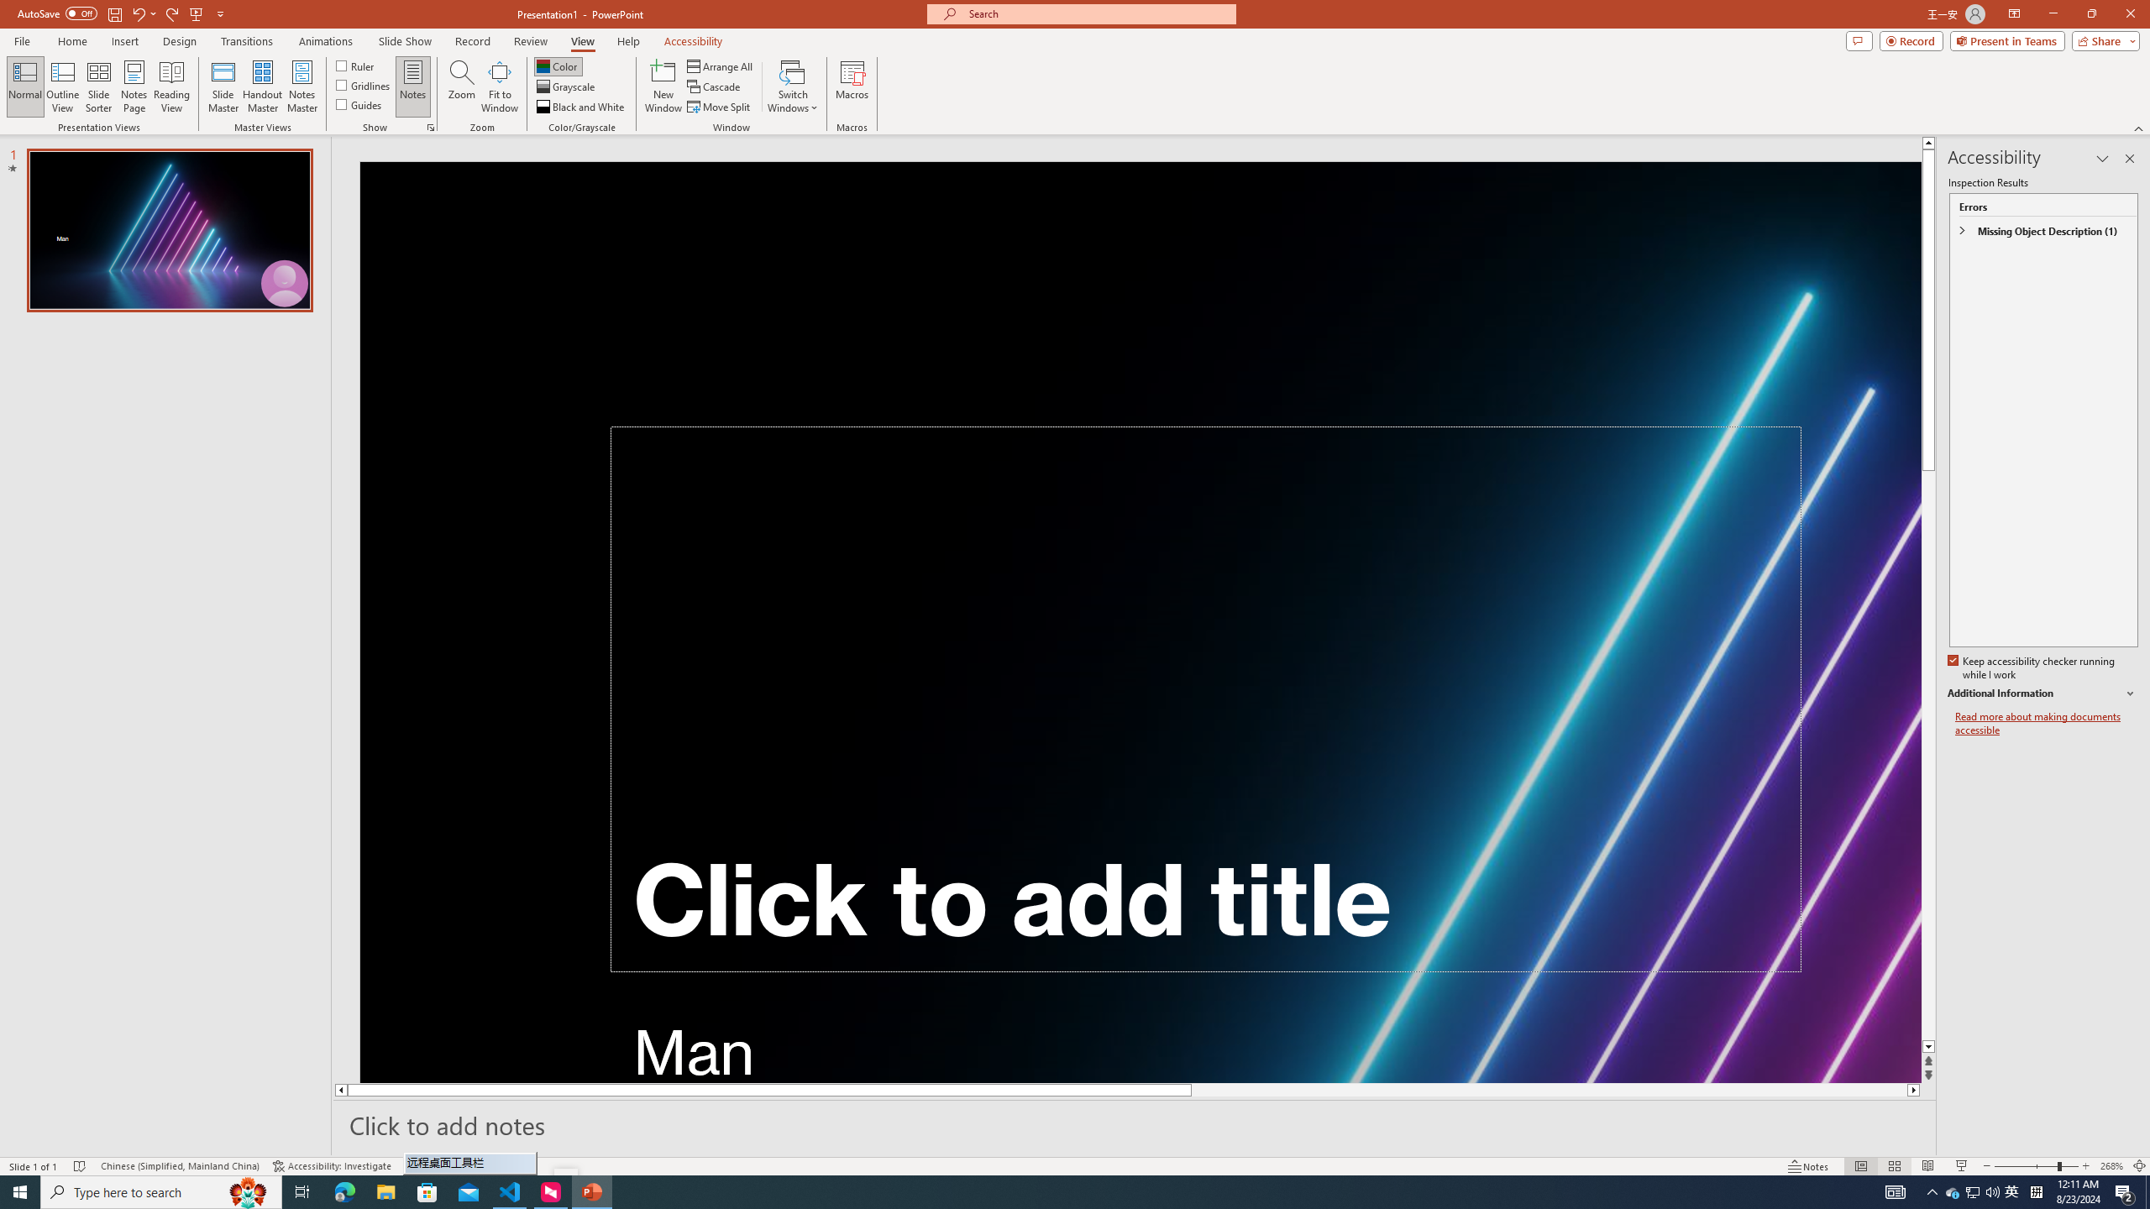 The image size is (2150, 1209). Describe the element at coordinates (1141, 621) in the screenshot. I see `'Neon laser lights aligned to form a triangle'` at that location.